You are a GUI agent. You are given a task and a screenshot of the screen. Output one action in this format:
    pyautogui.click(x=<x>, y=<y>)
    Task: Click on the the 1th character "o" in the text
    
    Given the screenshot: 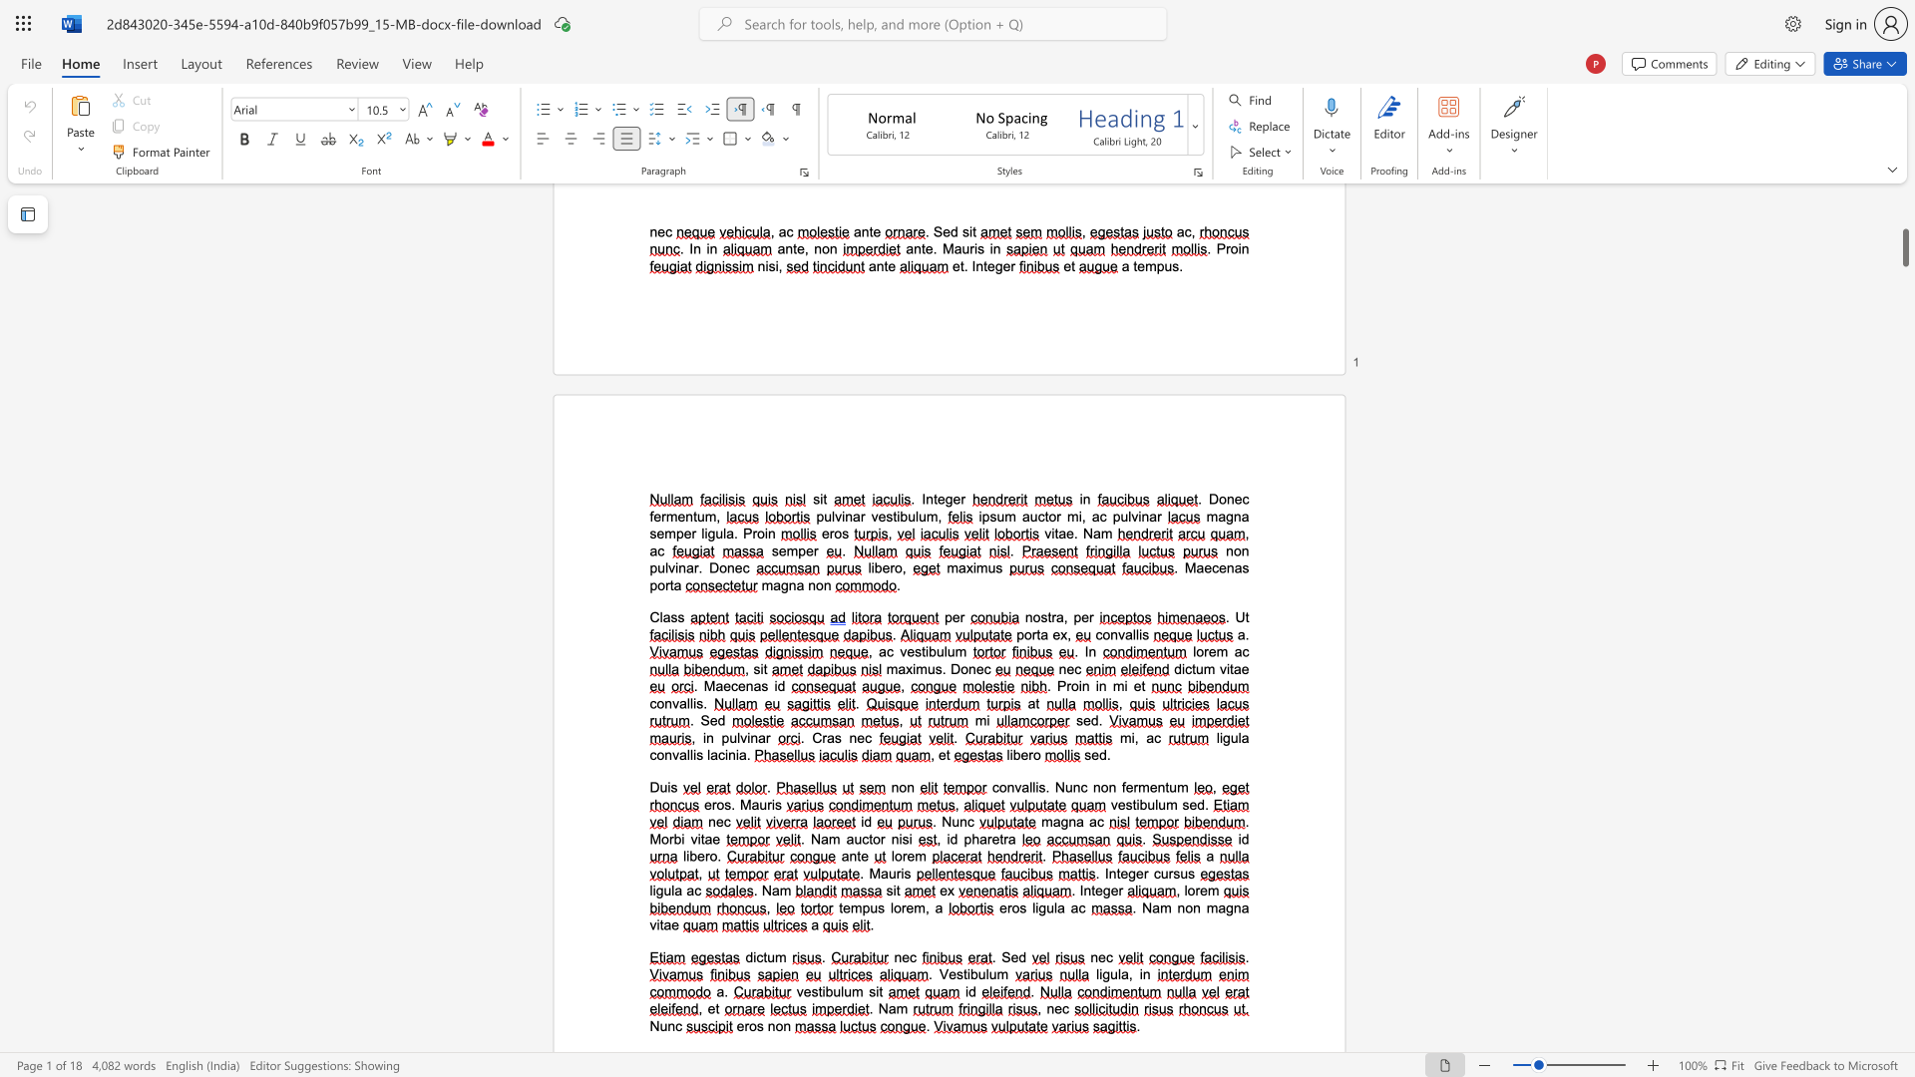 What is the action you would take?
    pyautogui.click(x=1105, y=634)
    